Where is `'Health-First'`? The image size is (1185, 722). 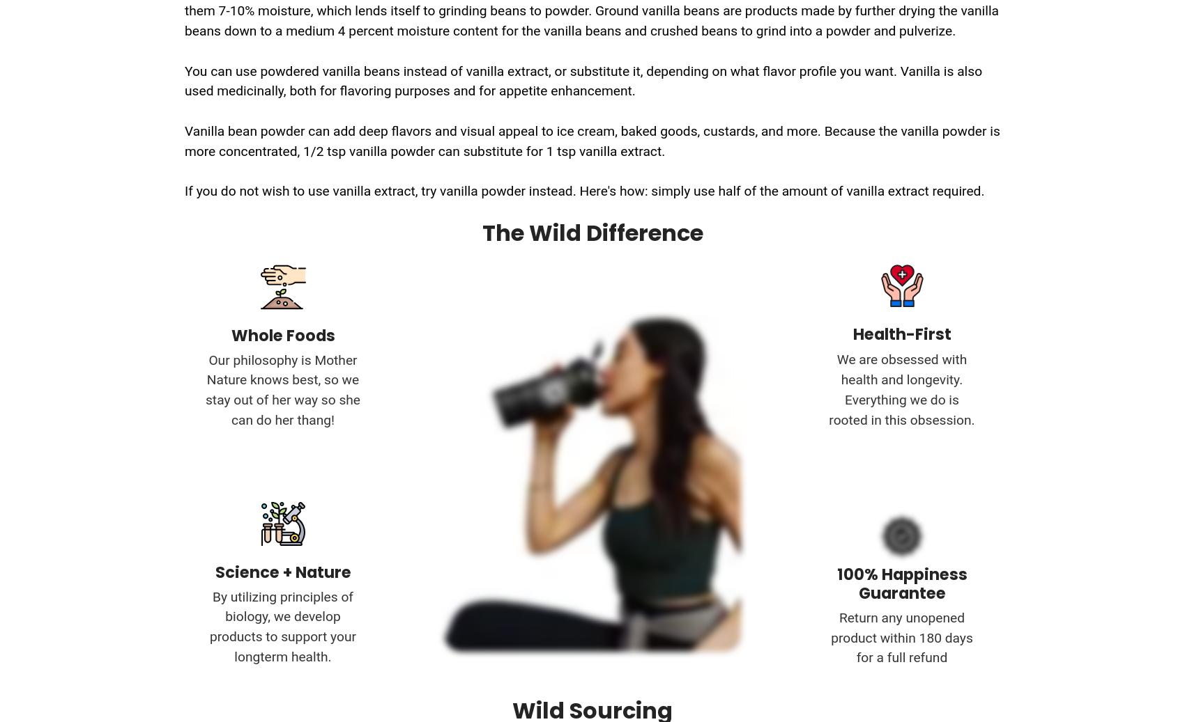 'Health-First' is located at coordinates (901, 333).